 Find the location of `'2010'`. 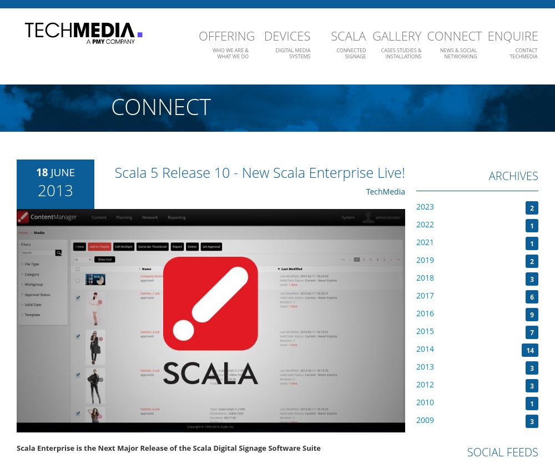

'2010' is located at coordinates (425, 401).